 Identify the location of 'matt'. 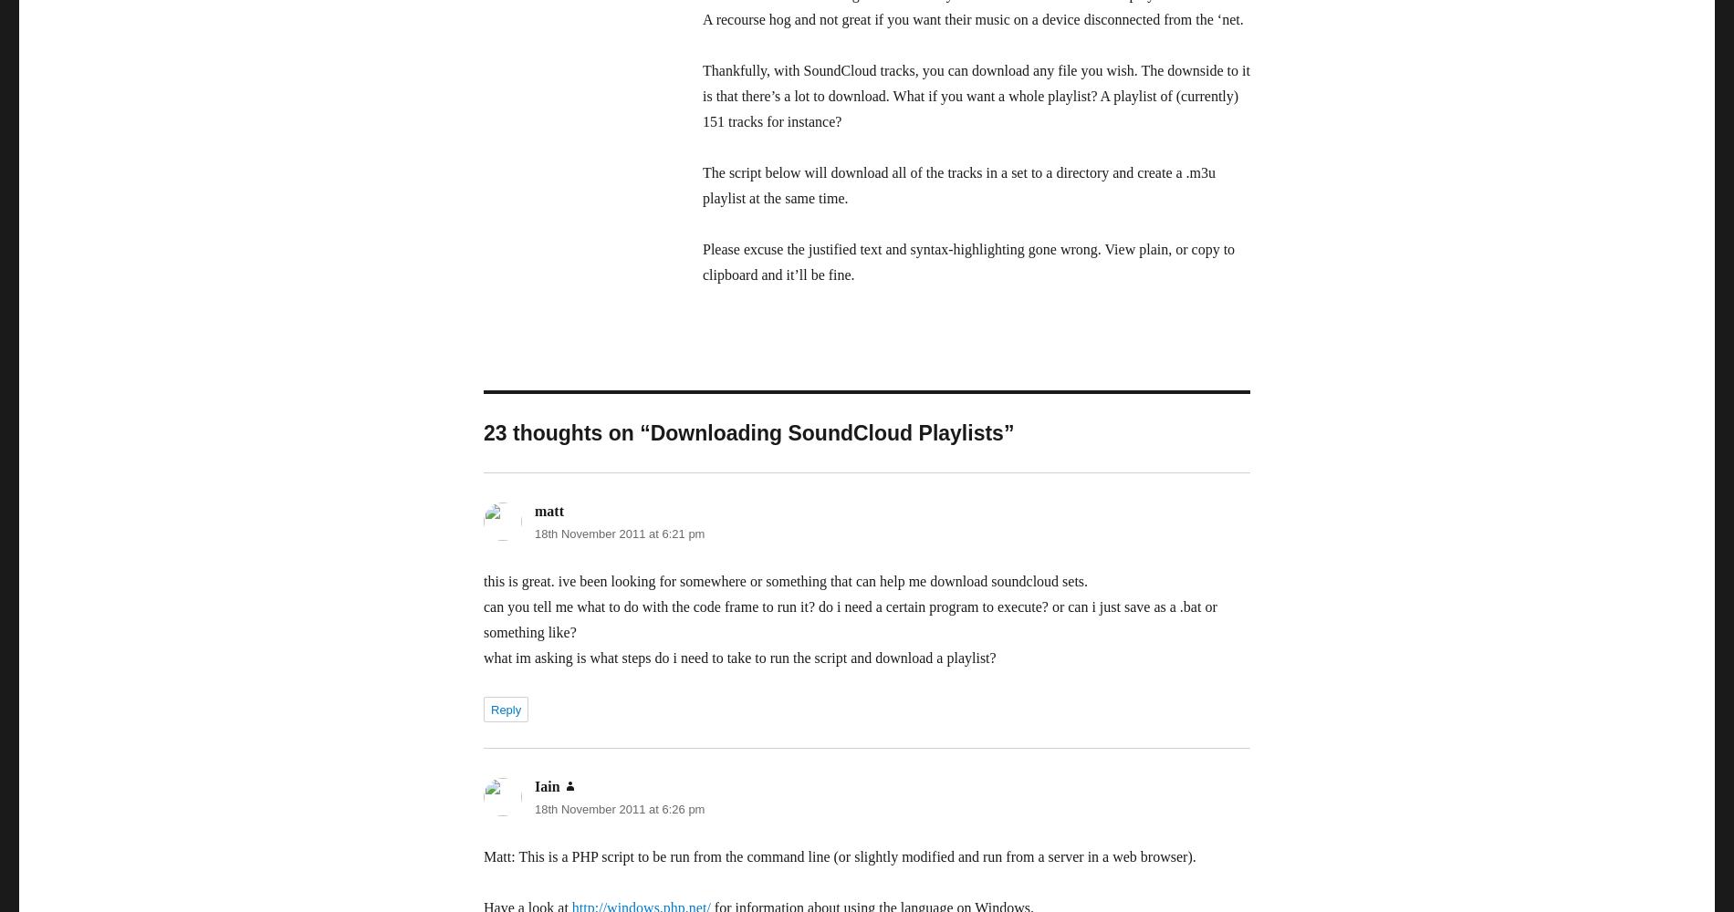
(548, 511).